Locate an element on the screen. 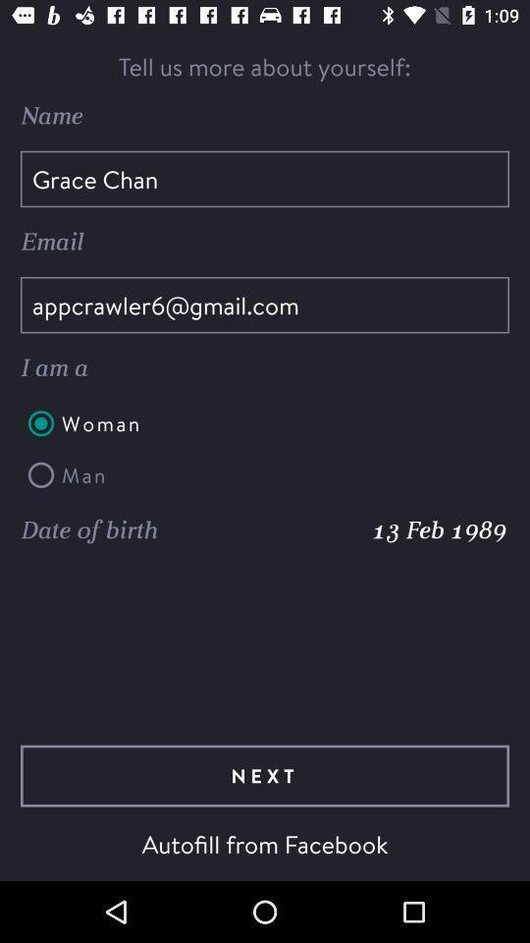  item below date of birth item is located at coordinates (265, 776).